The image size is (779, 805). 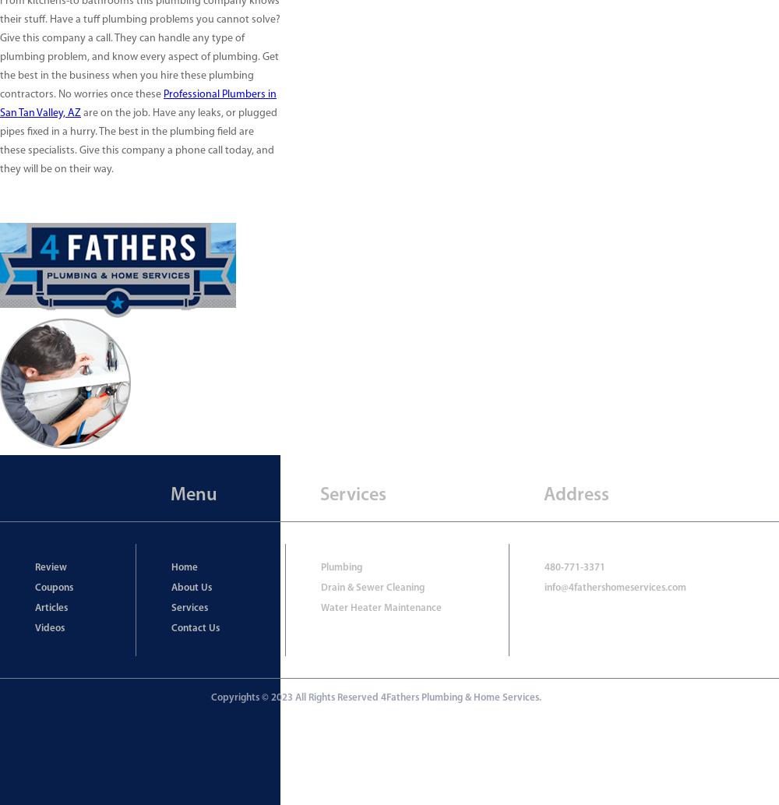 I want to click on '480-771-3371', so click(x=573, y=567).